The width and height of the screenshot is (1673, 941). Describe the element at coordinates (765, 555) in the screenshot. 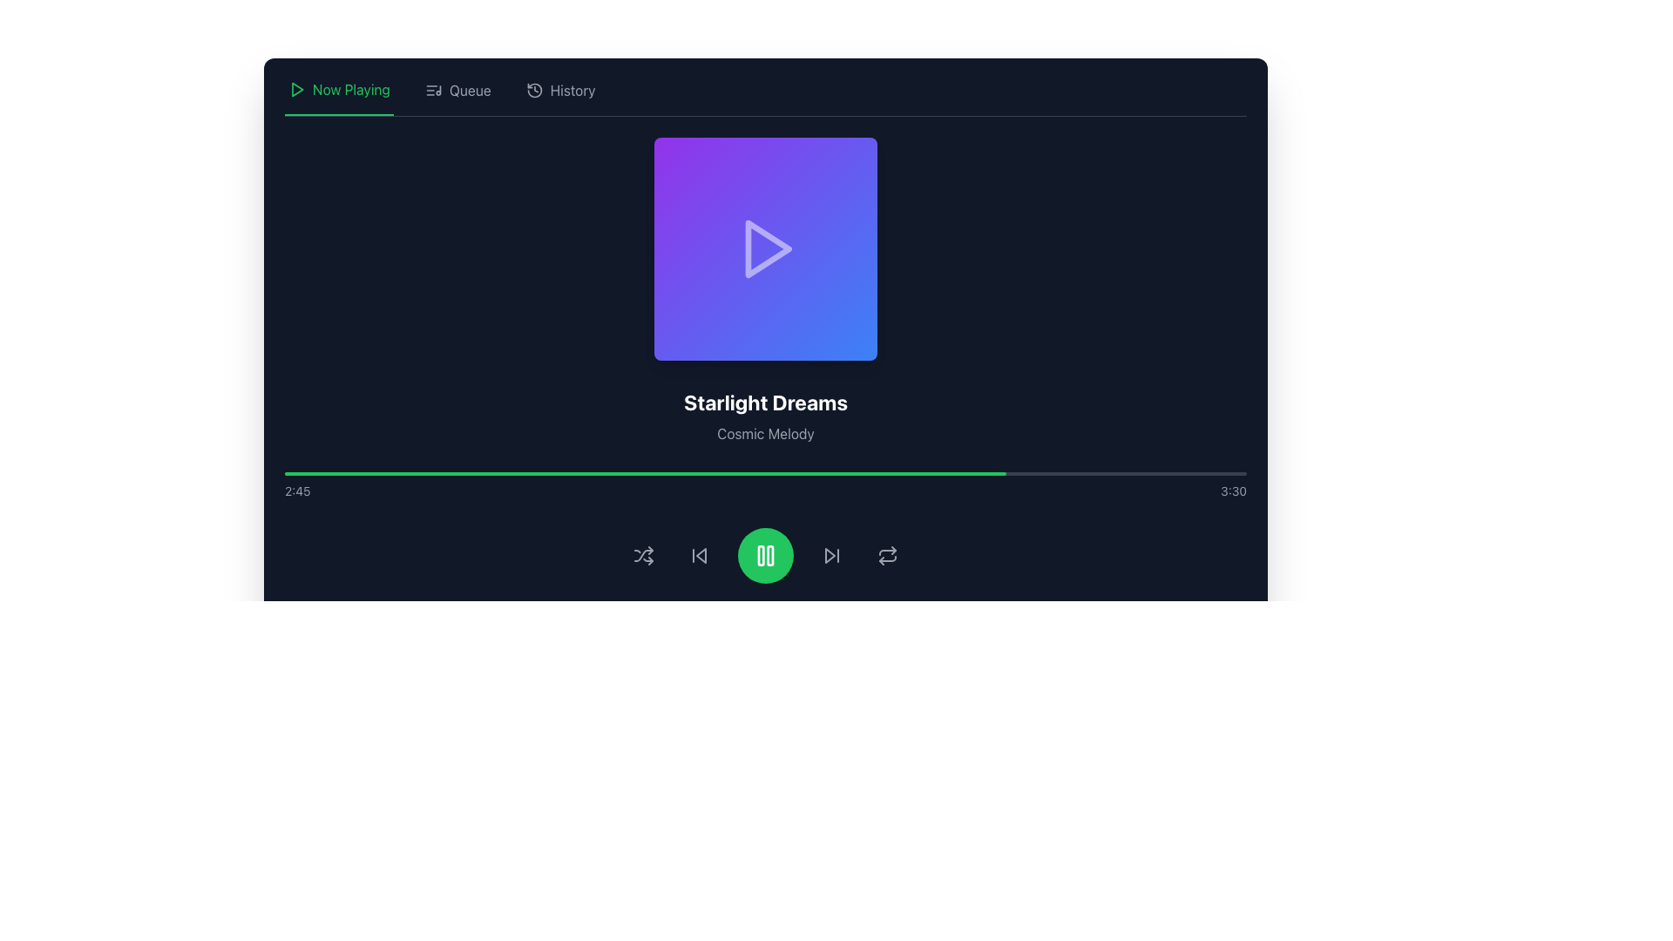

I see `the pause button located between the 'previous' and 'next' track buttons` at that location.